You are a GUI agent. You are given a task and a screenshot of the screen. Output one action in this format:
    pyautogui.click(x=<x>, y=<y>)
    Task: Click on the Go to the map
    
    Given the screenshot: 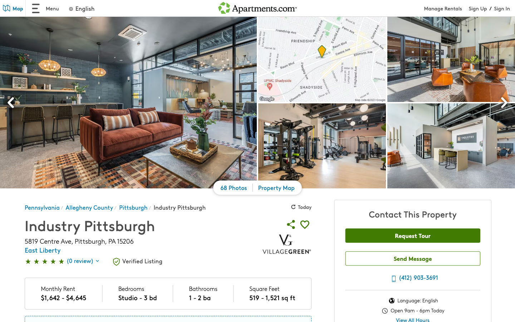 What is the action you would take?
    pyautogui.click(x=9, y=9)
    